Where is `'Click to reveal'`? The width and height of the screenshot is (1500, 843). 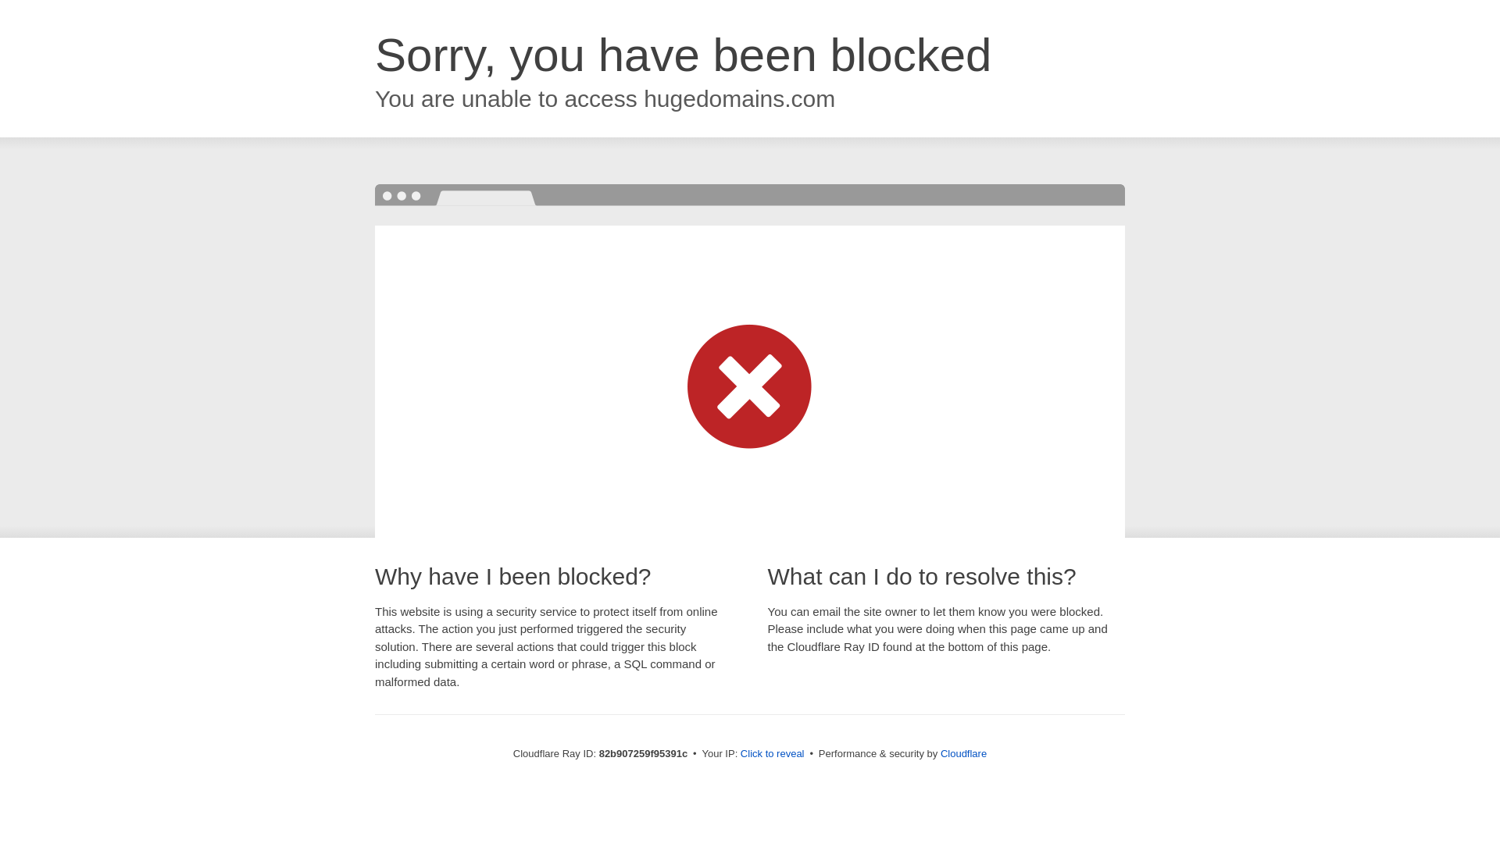
'Click to reveal' is located at coordinates (772, 752).